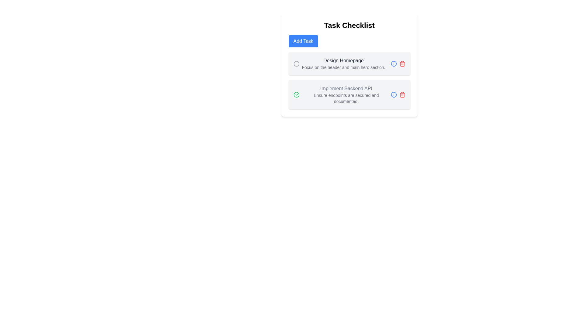  I want to click on the completed task entry in the checklist that has a strikethrough style, located below the checkmark icon and aligned to the left of a circular button, so click(346, 95).